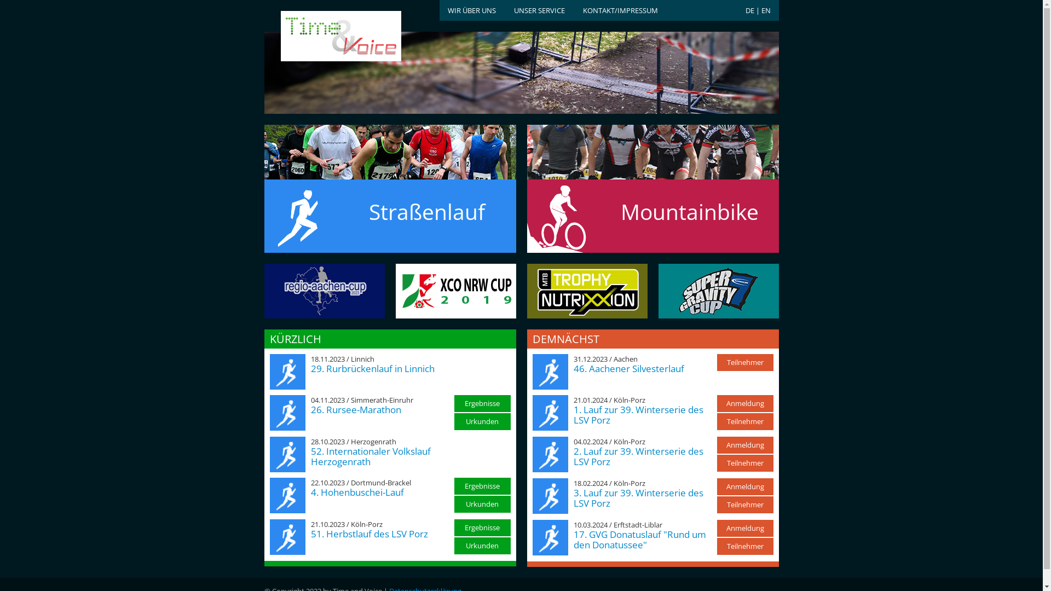 Image resolution: width=1051 pixels, height=591 pixels. I want to click on 'Time and Voice', so click(323, 36).